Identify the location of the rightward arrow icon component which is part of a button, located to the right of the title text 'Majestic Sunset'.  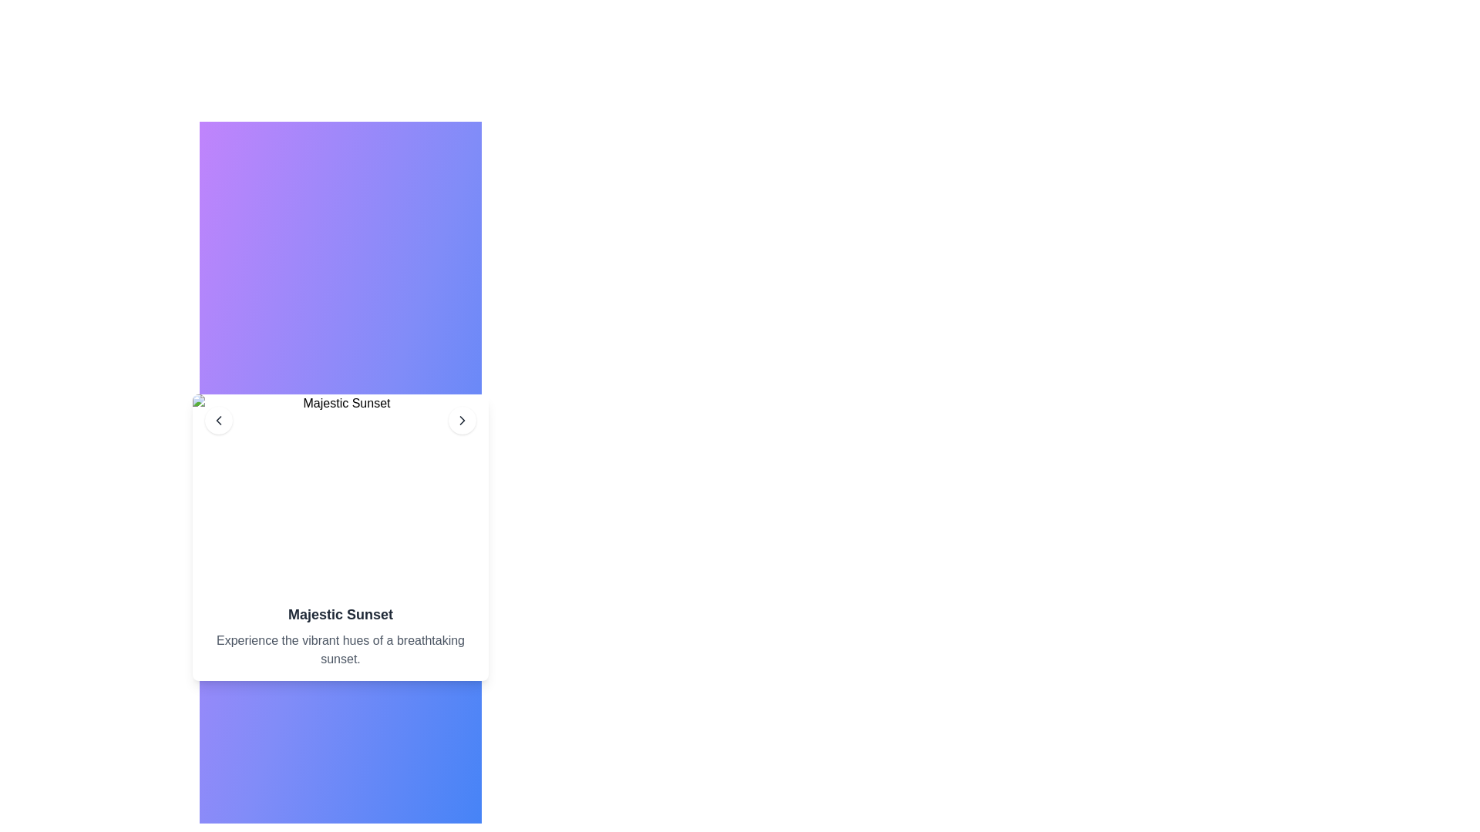
(462, 421).